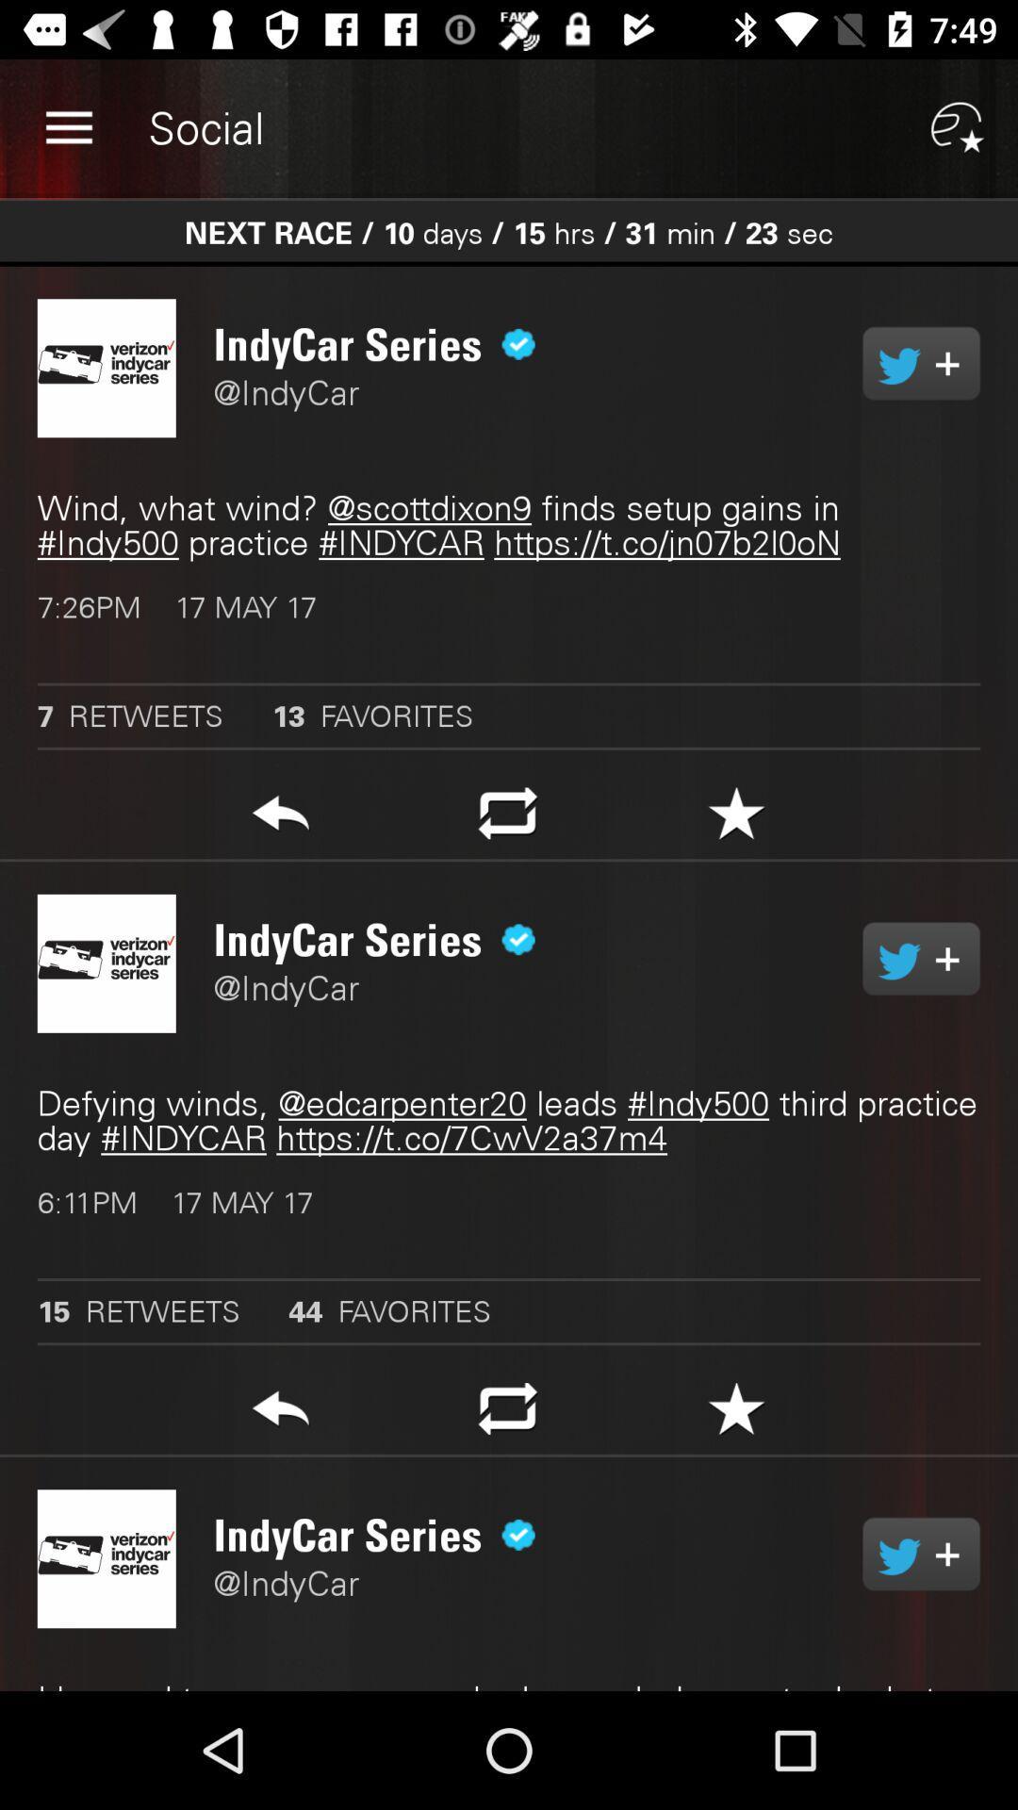  What do you see at coordinates (68, 127) in the screenshot?
I see `the item to the left of social app` at bounding box center [68, 127].